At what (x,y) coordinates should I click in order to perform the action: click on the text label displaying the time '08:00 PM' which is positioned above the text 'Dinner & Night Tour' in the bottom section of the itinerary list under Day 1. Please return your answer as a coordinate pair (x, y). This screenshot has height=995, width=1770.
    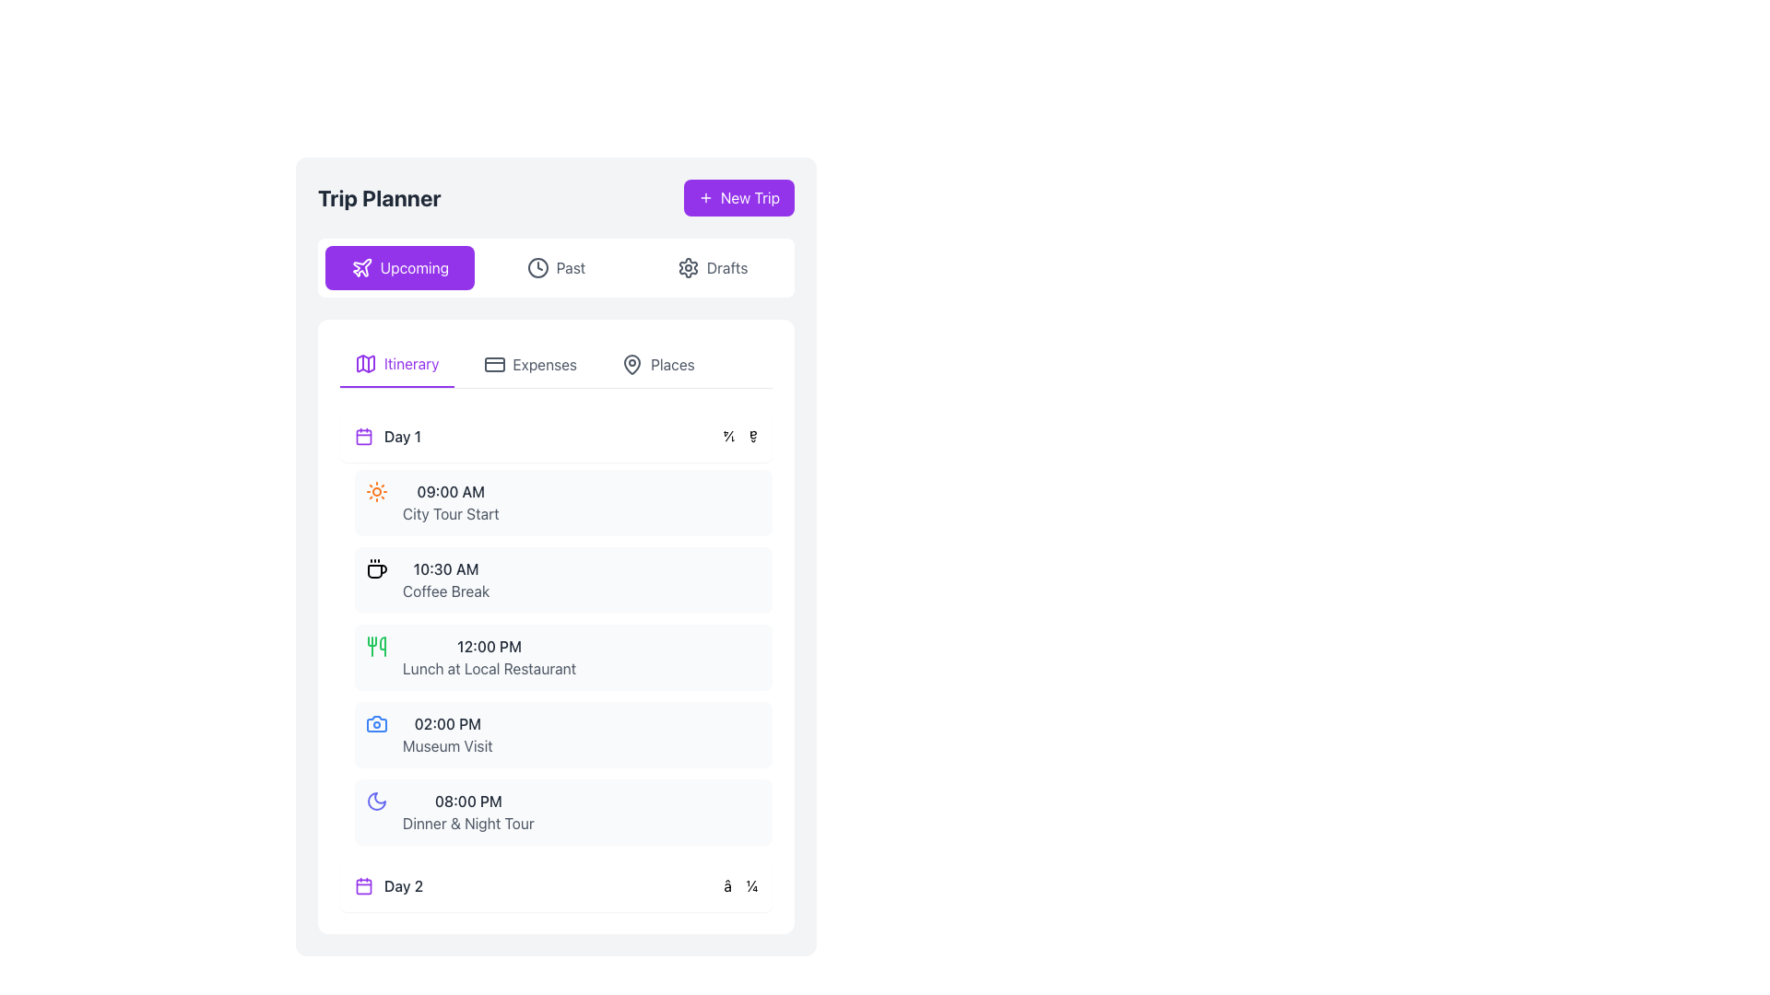
    Looking at the image, I should click on (468, 801).